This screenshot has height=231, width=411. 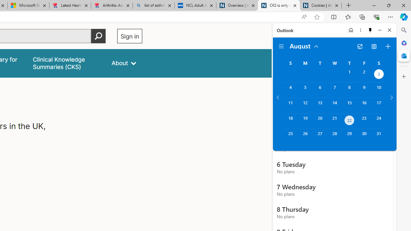 What do you see at coordinates (334, 121) in the screenshot?
I see `'Wednesday, August 21, 2024. '` at bounding box center [334, 121].